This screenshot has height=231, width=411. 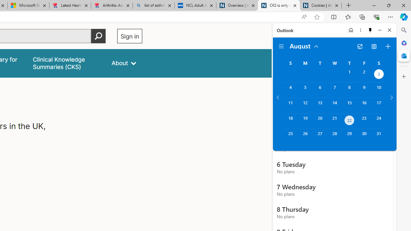 What do you see at coordinates (334, 121) in the screenshot?
I see `'Wednesday, August 21, 2024. '` at bounding box center [334, 121].